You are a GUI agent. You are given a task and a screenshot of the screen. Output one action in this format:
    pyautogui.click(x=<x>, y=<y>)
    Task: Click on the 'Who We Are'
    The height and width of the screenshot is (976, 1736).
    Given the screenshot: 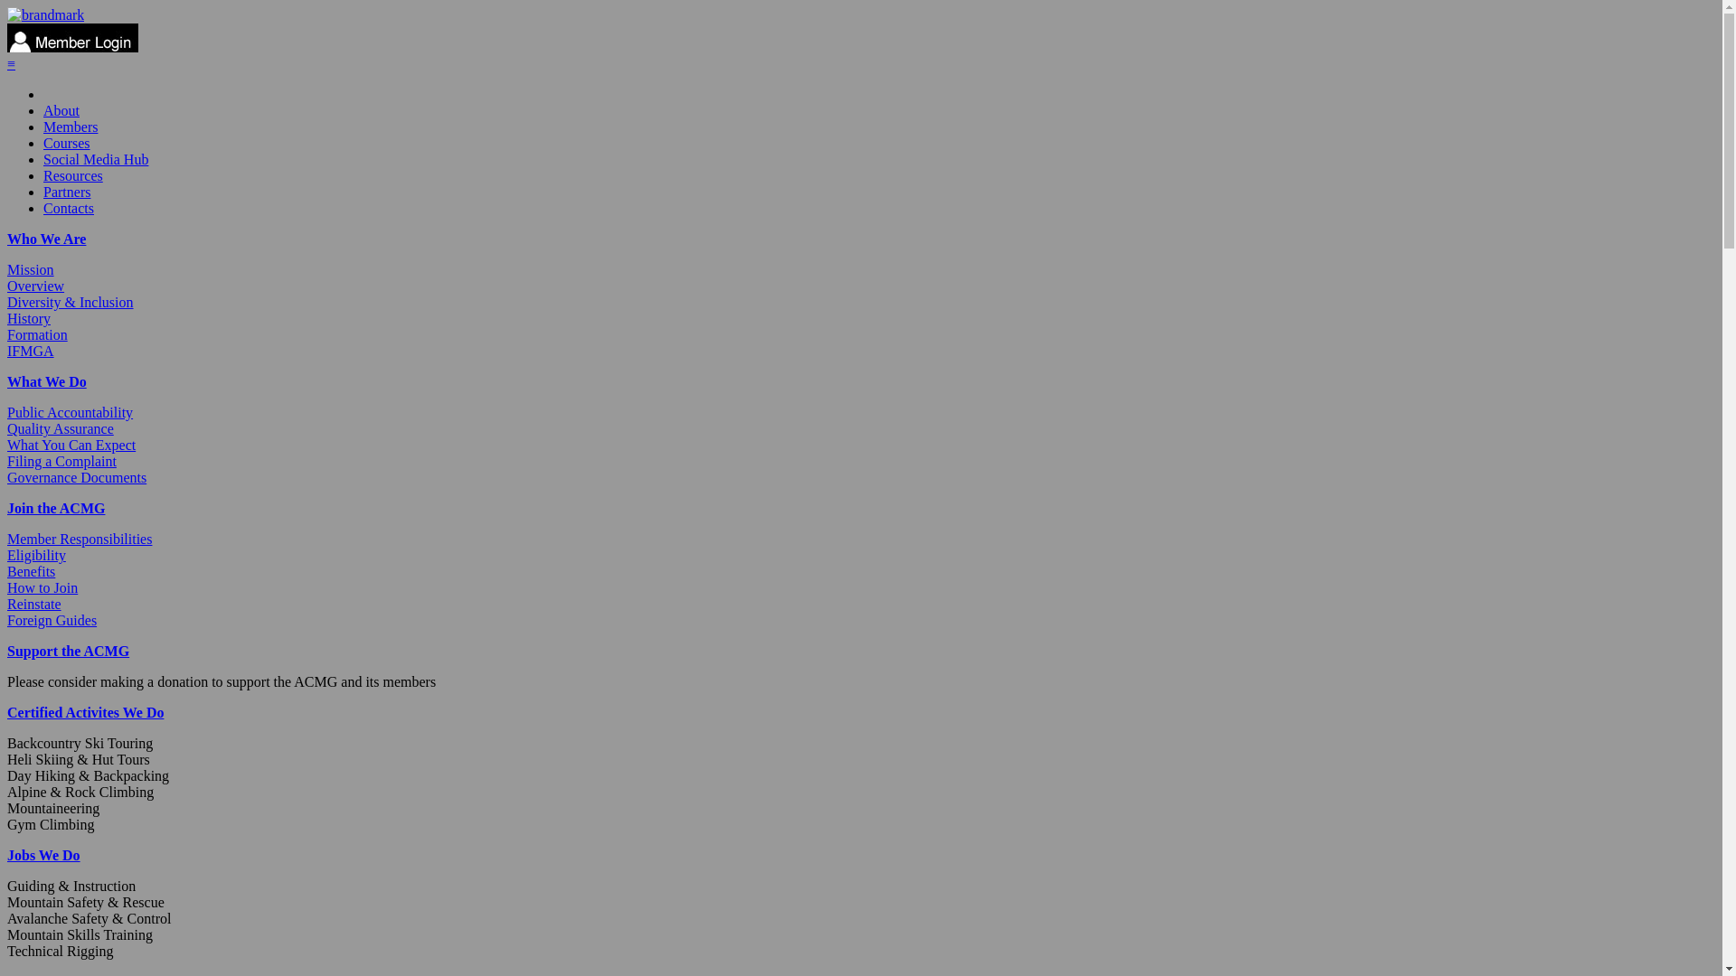 What is the action you would take?
    pyautogui.click(x=7, y=238)
    